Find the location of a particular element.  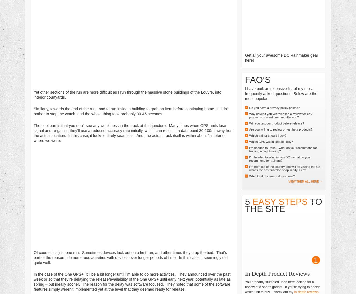

'View Them All Here →' is located at coordinates (305, 181).